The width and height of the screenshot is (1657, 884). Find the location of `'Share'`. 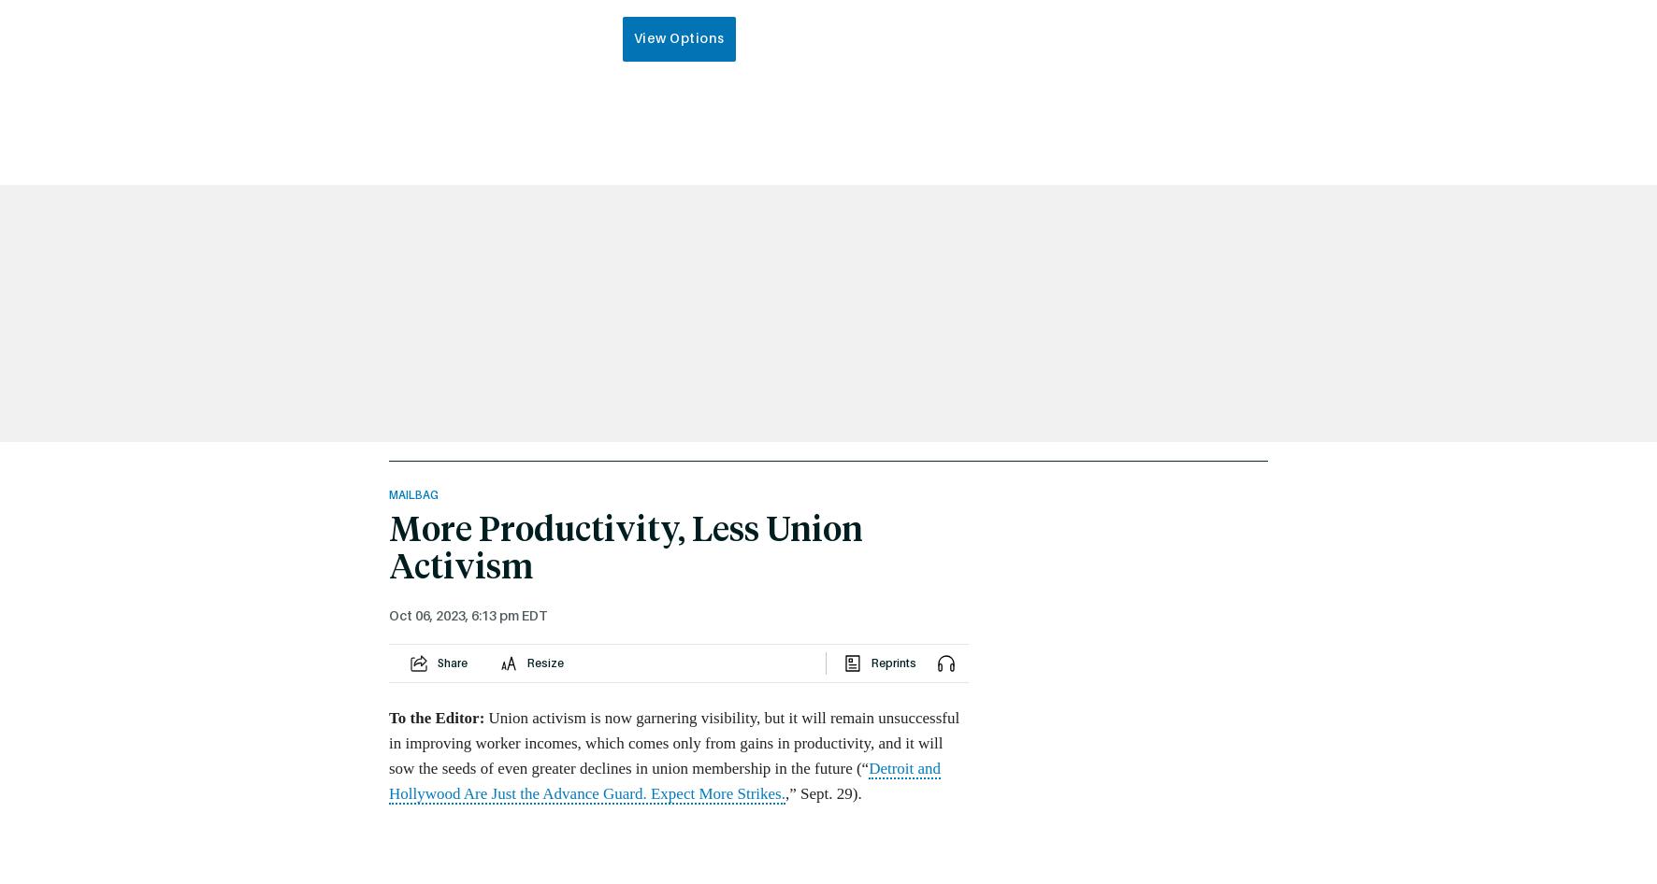

'Share' is located at coordinates (436, 662).